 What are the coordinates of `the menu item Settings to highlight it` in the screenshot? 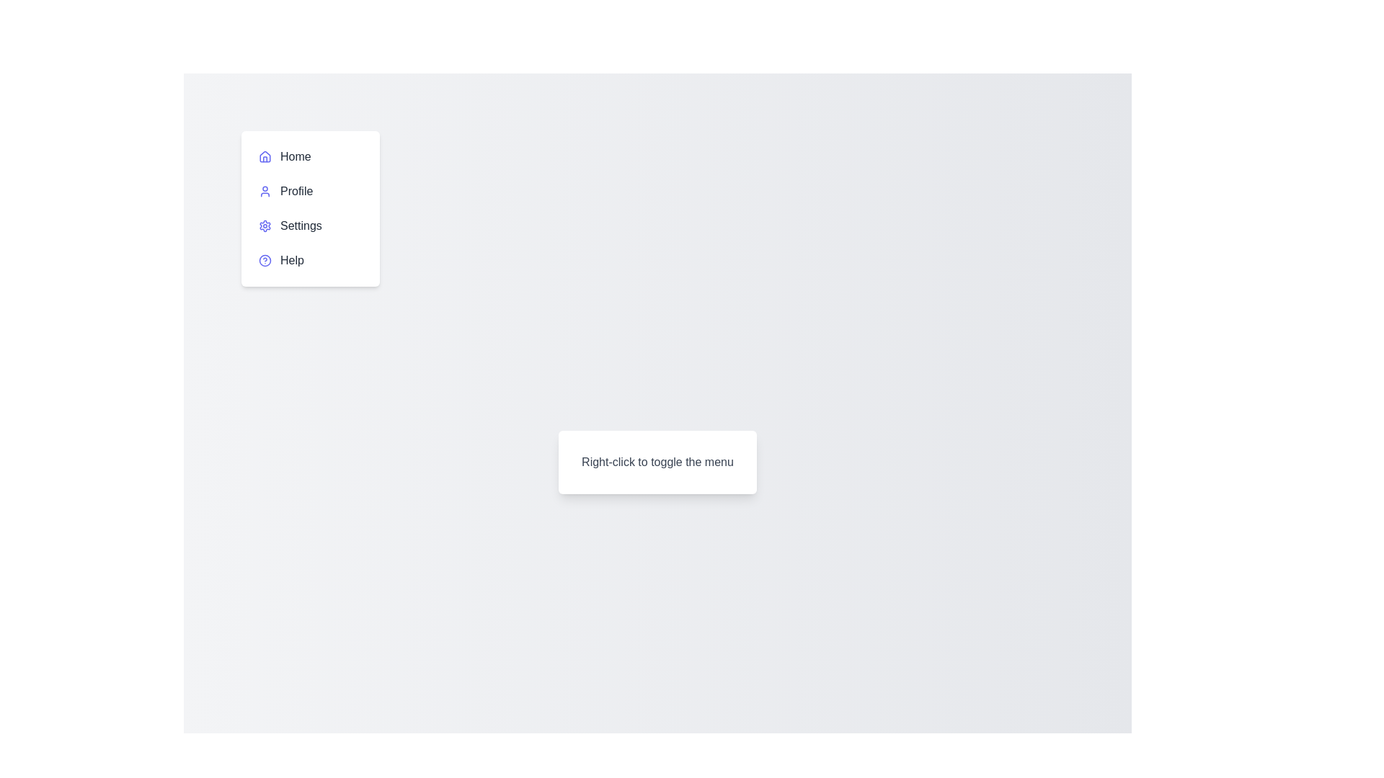 It's located at (310, 225).